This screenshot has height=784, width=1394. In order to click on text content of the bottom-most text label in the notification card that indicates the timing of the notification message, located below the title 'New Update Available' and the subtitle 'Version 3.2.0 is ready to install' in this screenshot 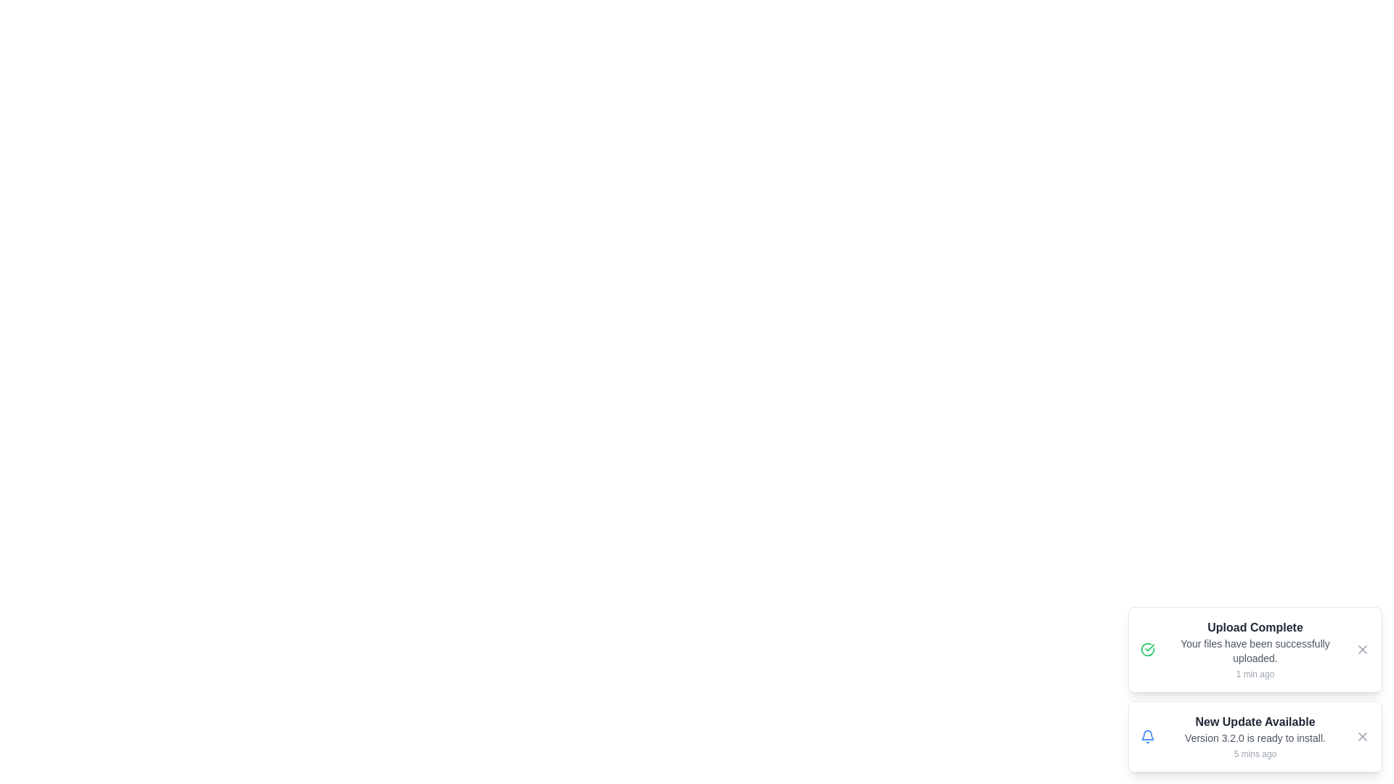, I will do `click(1254, 753)`.